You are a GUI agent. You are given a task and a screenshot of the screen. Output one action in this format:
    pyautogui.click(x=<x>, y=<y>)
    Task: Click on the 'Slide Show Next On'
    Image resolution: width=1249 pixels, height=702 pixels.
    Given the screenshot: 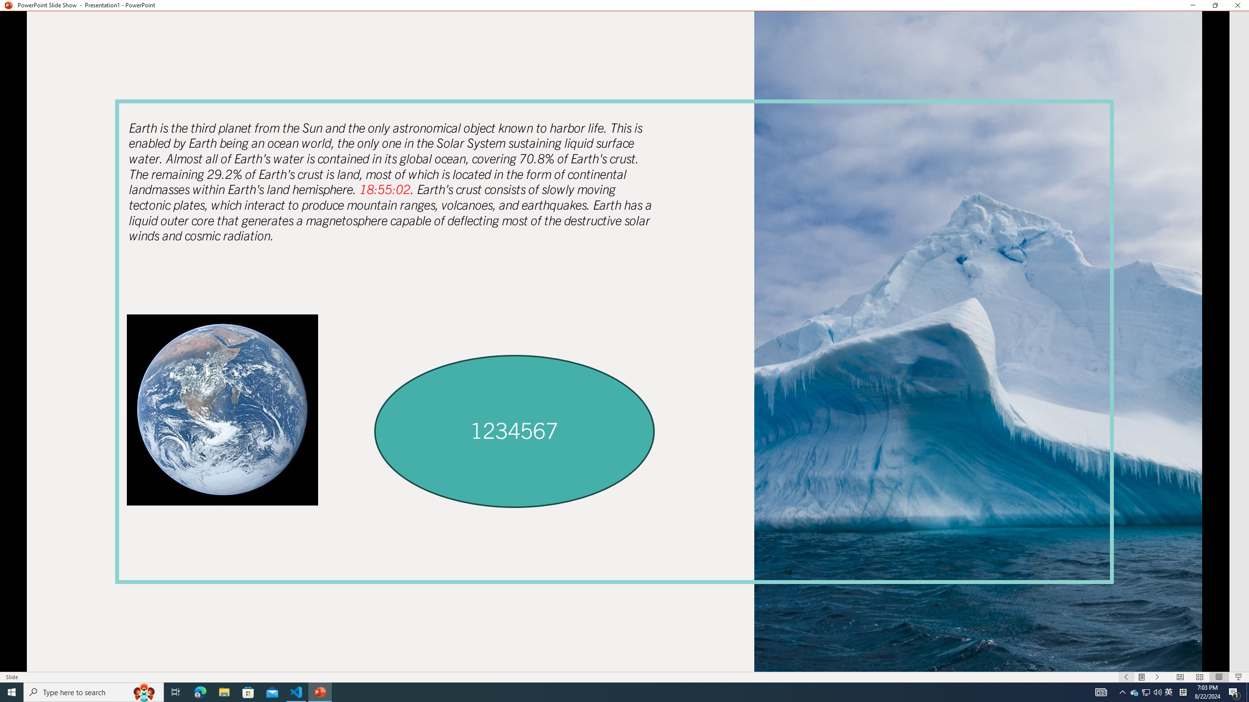 What is the action you would take?
    pyautogui.click(x=1157, y=677)
    